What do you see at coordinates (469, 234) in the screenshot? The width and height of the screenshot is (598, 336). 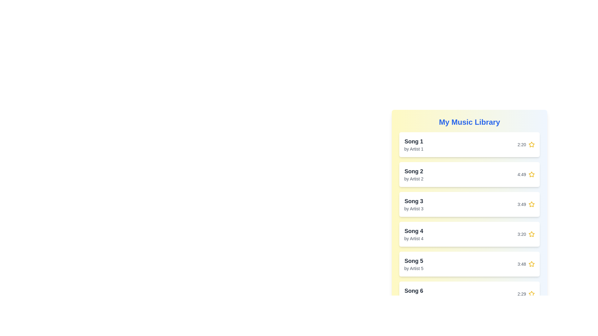 I see `text details of the fourth track in the music library, which includes the title, artist, and duration displayed in the list item` at bounding box center [469, 234].